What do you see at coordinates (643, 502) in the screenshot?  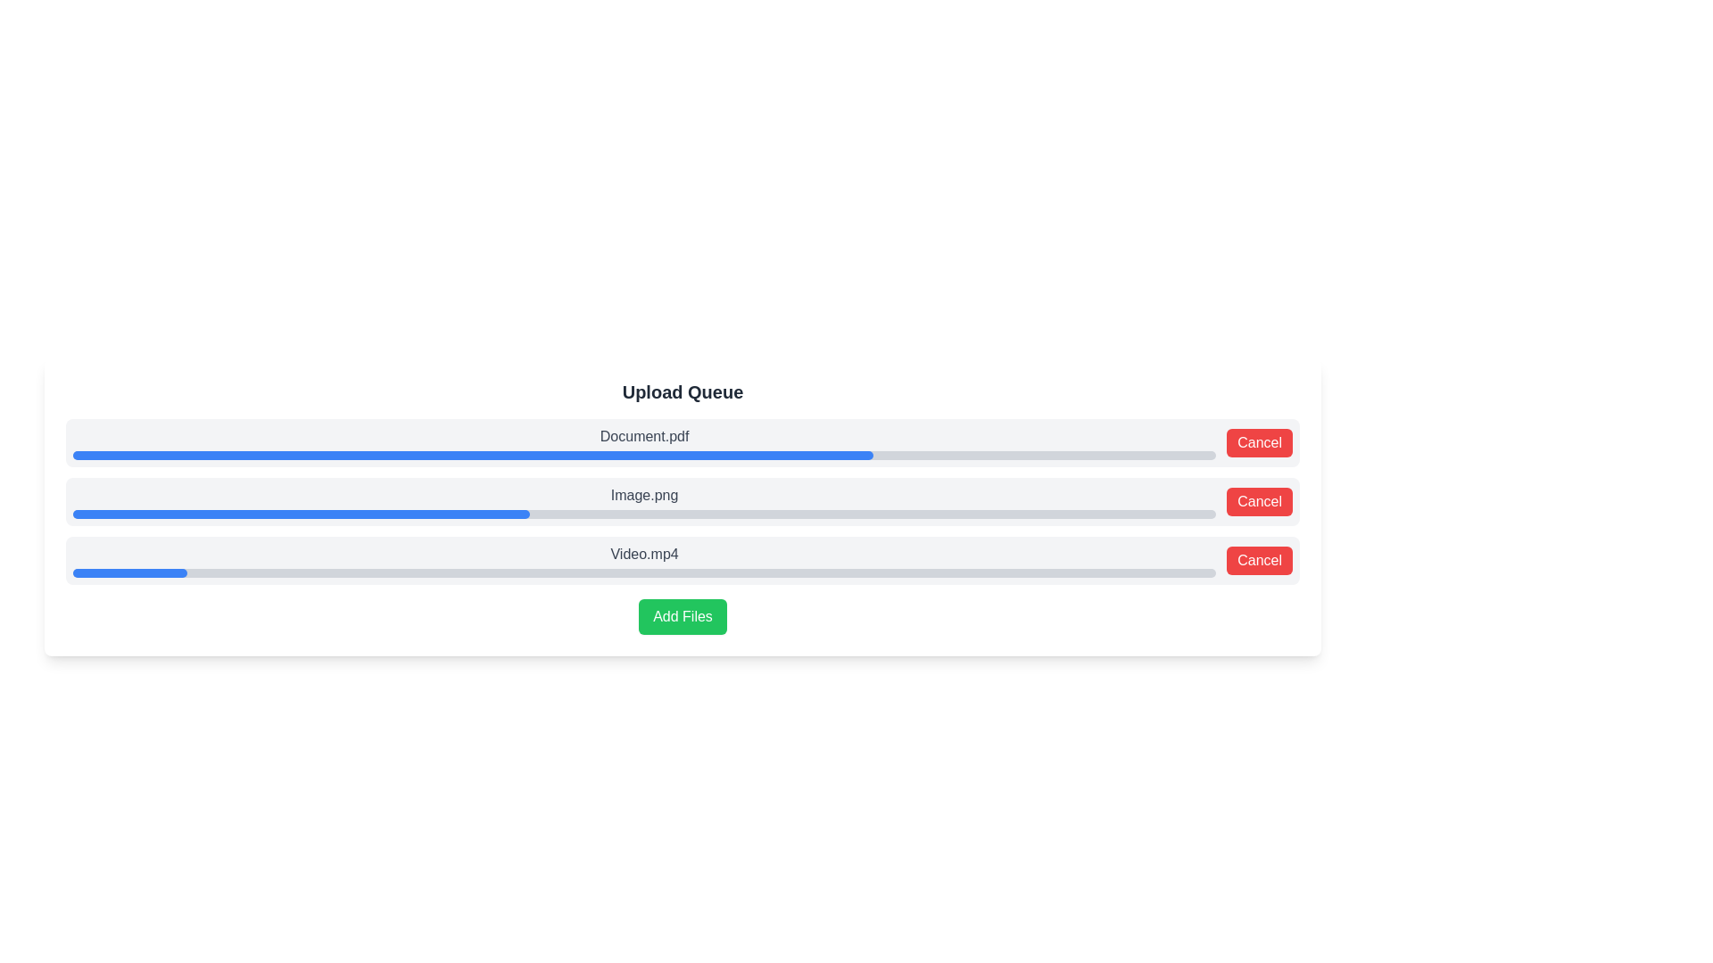 I see `the text label displaying 'Image.png' which is styled in gray color and located above a progress bar and to the left of a 'Cancel' button` at bounding box center [643, 502].